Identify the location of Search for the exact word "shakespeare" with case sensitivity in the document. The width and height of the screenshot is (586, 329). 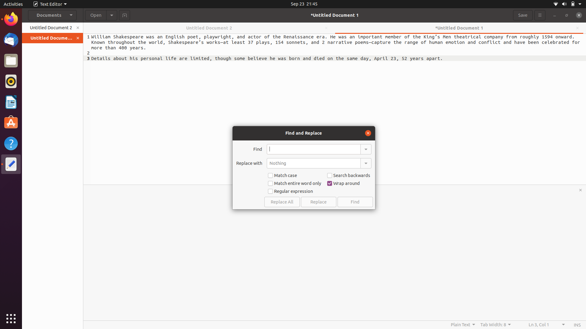
(313, 149).